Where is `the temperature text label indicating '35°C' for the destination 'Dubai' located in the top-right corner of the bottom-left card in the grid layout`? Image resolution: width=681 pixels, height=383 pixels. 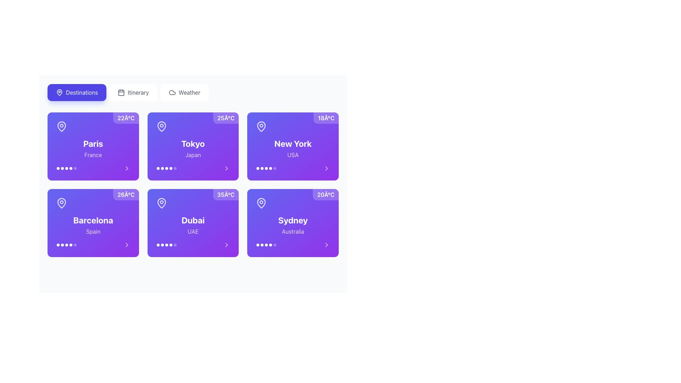
the temperature text label indicating '35°C' for the destination 'Dubai' located in the top-right corner of the bottom-left card in the grid layout is located at coordinates (225, 194).